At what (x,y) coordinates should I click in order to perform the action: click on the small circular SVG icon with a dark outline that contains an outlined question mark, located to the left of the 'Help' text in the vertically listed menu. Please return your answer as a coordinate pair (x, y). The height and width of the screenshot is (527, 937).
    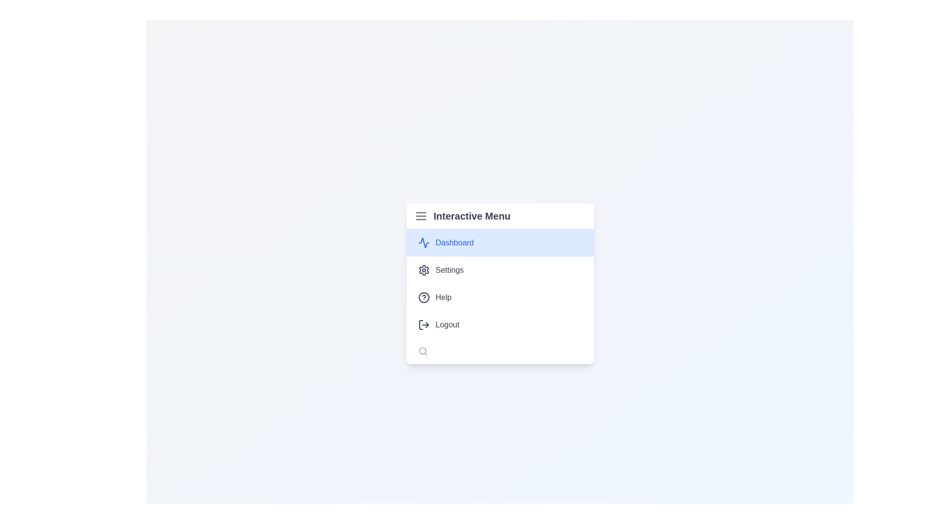
    Looking at the image, I should click on (424, 297).